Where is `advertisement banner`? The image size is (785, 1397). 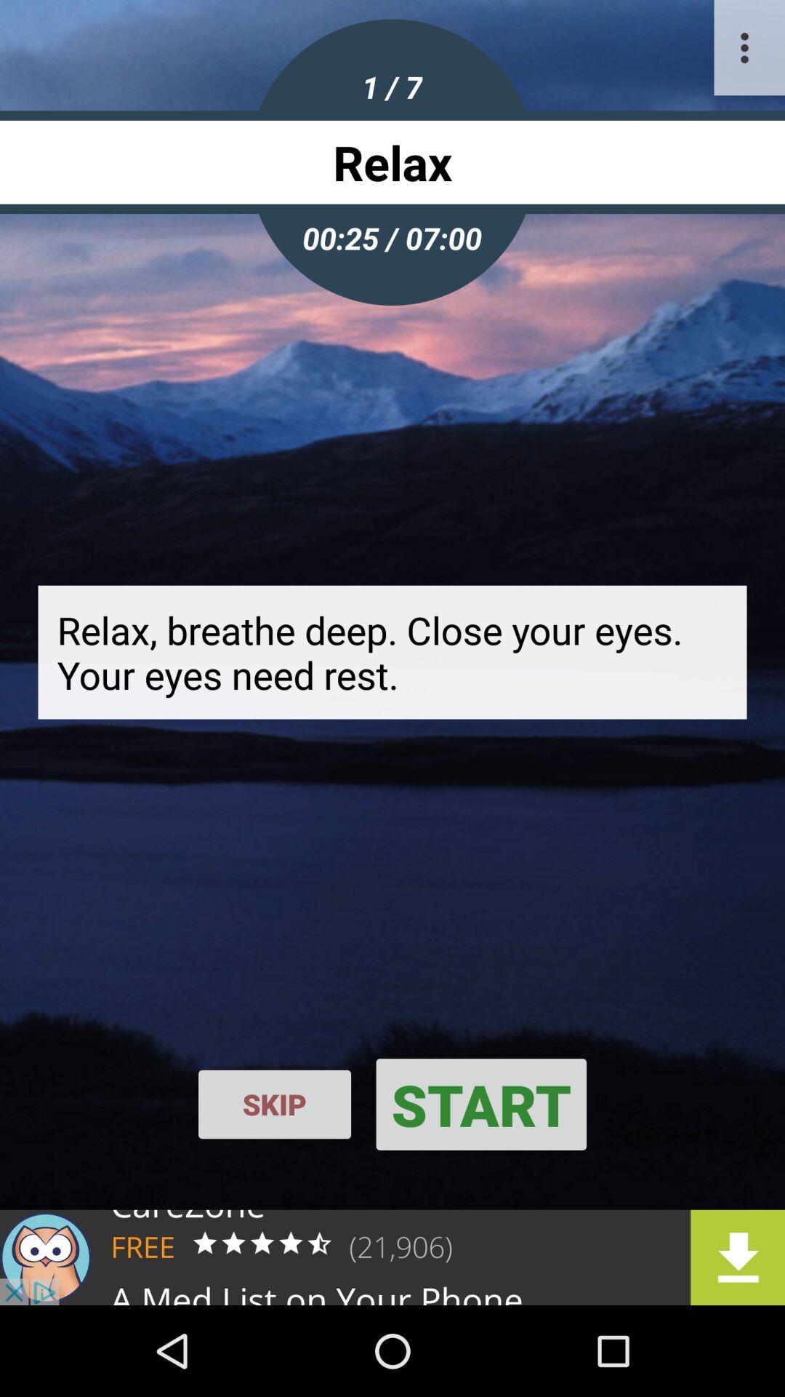
advertisement banner is located at coordinates (392, 1257).